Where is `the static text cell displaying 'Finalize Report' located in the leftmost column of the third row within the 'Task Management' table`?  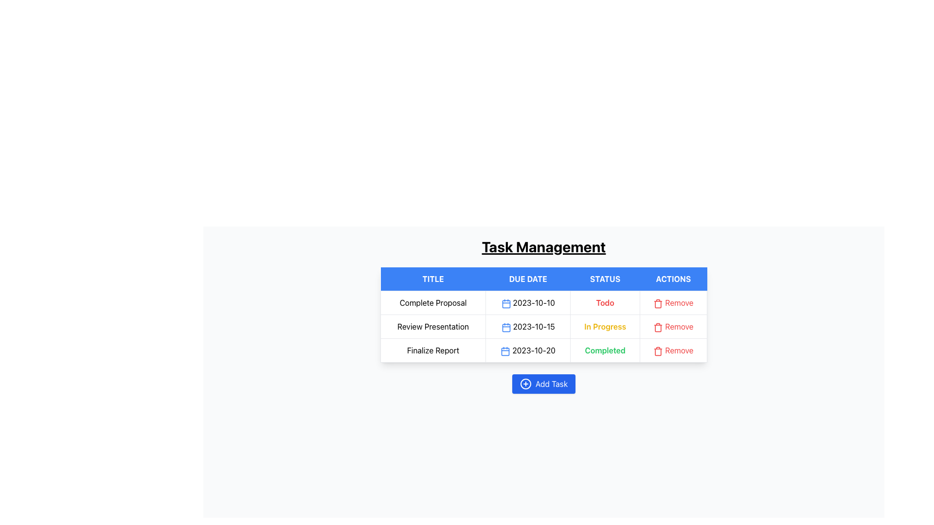
the static text cell displaying 'Finalize Report' located in the leftmost column of the third row within the 'Task Management' table is located at coordinates (432, 350).